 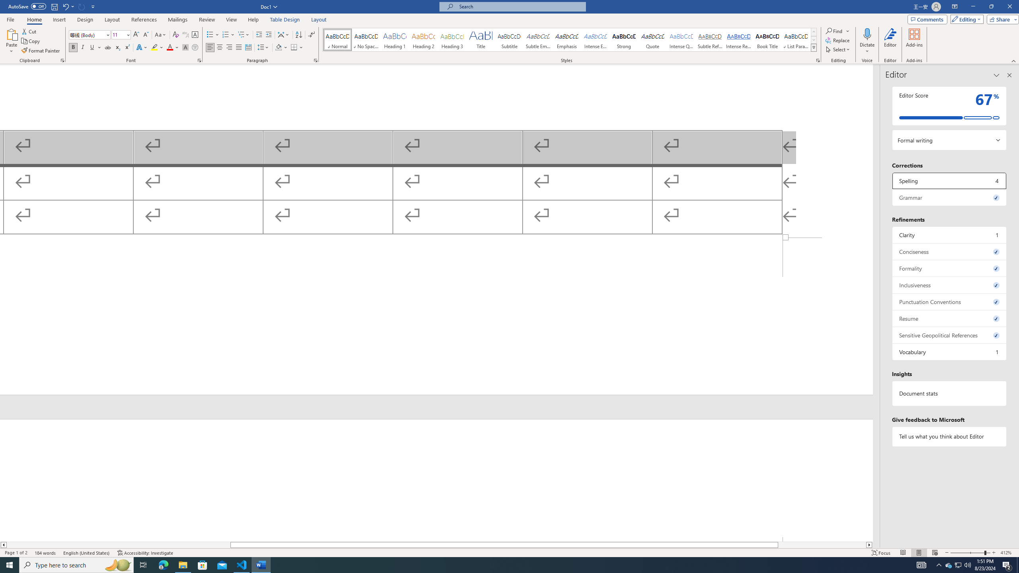 I want to click on 'Subtitle', so click(x=509, y=39).